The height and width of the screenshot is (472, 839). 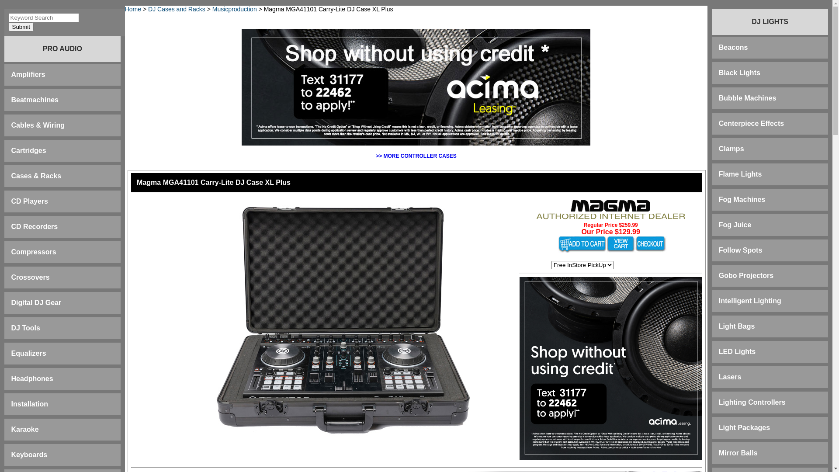 What do you see at coordinates (62, 49) in the screenshot?
I see `'PRO AUDIO'` at bounding box center [62, 49].